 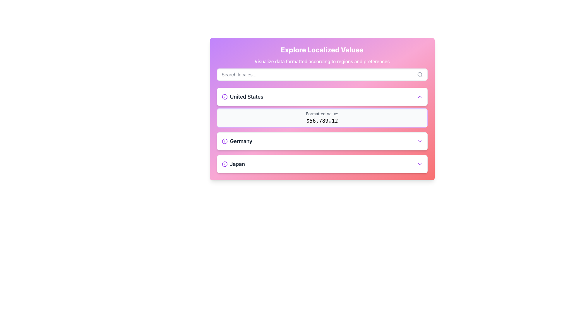 What do you see at coordinates (224, 164) in the screenshot?
I see `the purple circular SVG element that is part of the information icon for the 'Japan' entry, located in the leftmost section of its row` at bounding box center [224, 164].